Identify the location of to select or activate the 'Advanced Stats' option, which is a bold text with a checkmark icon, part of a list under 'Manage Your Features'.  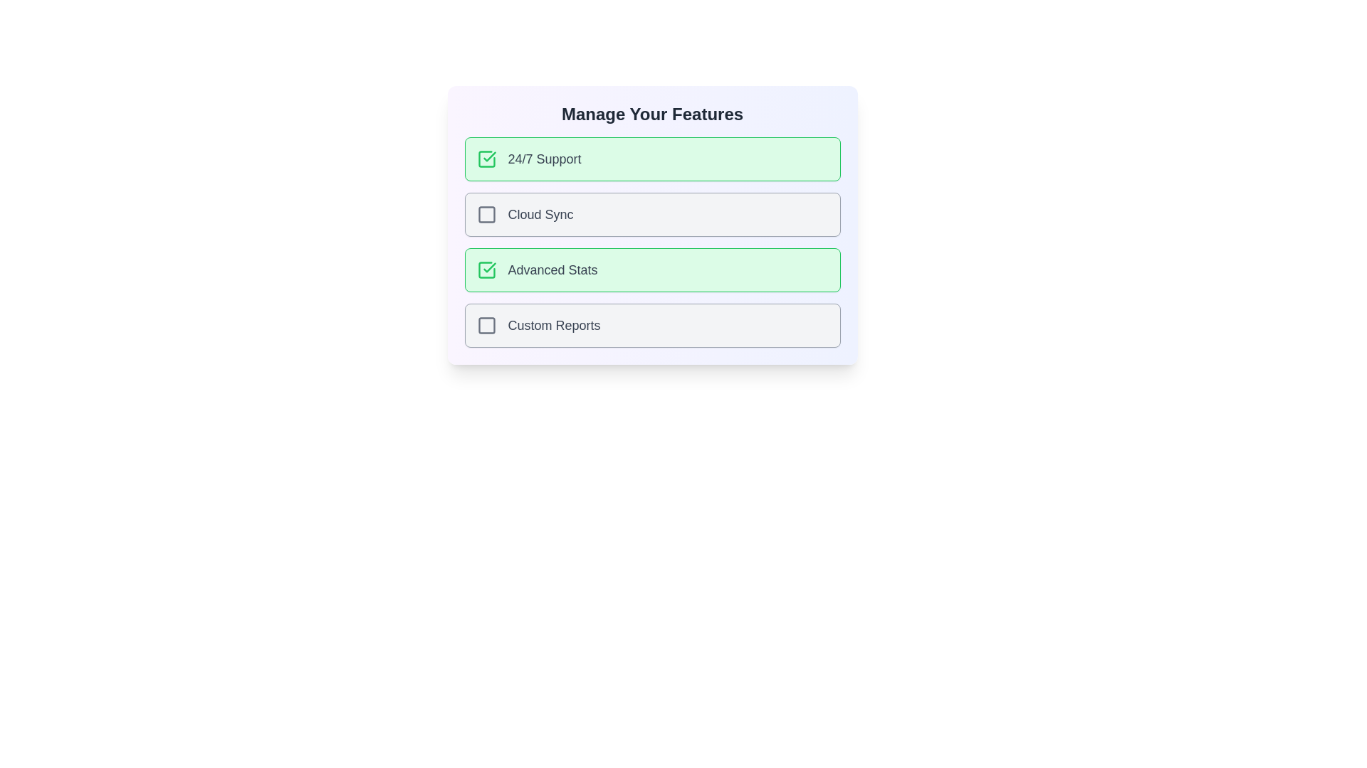
(536, 270).